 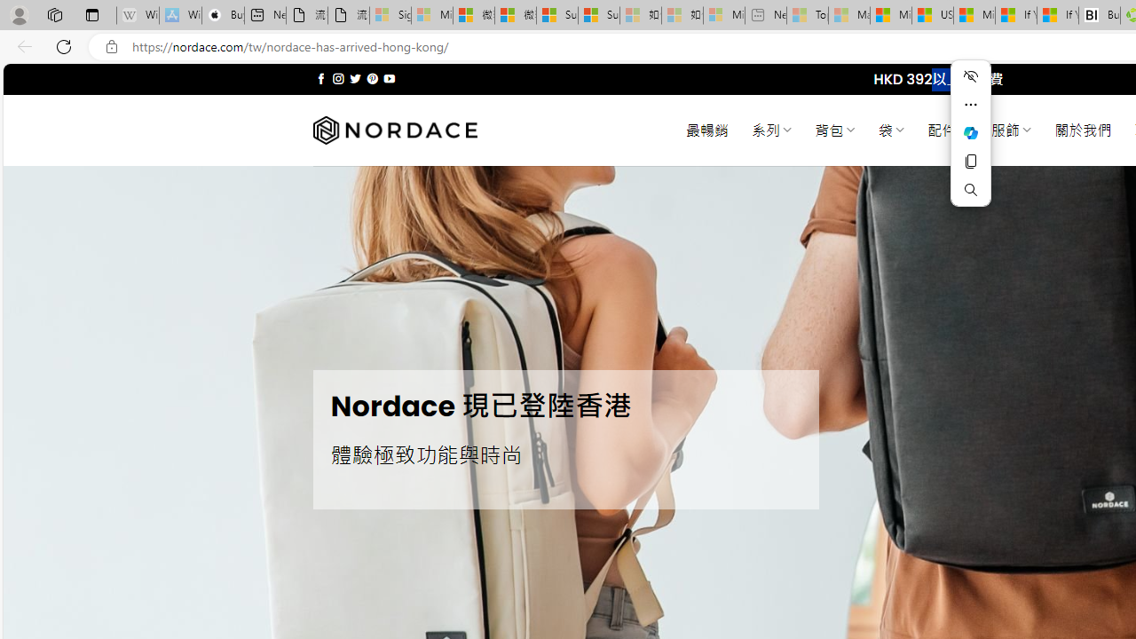 What do you see at coordinates (723, 15) in the screenshot?
I see `'Microsoft account | Account Checkup - Sleeping'` at bounding box center [723, 15].